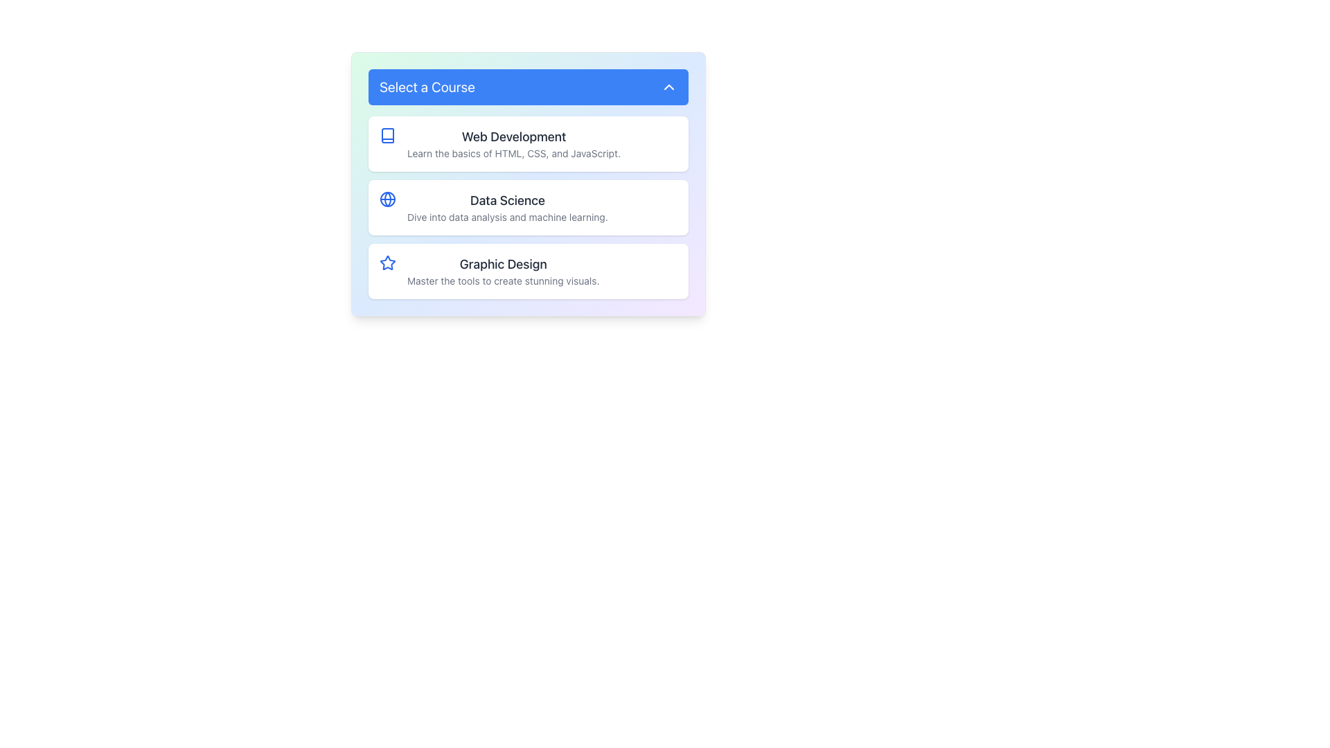 Image resolution: width=1330 pixels, height=748 pixels. I want to click on the first selectable card representing the course 'Web Development', so click(528, 144).